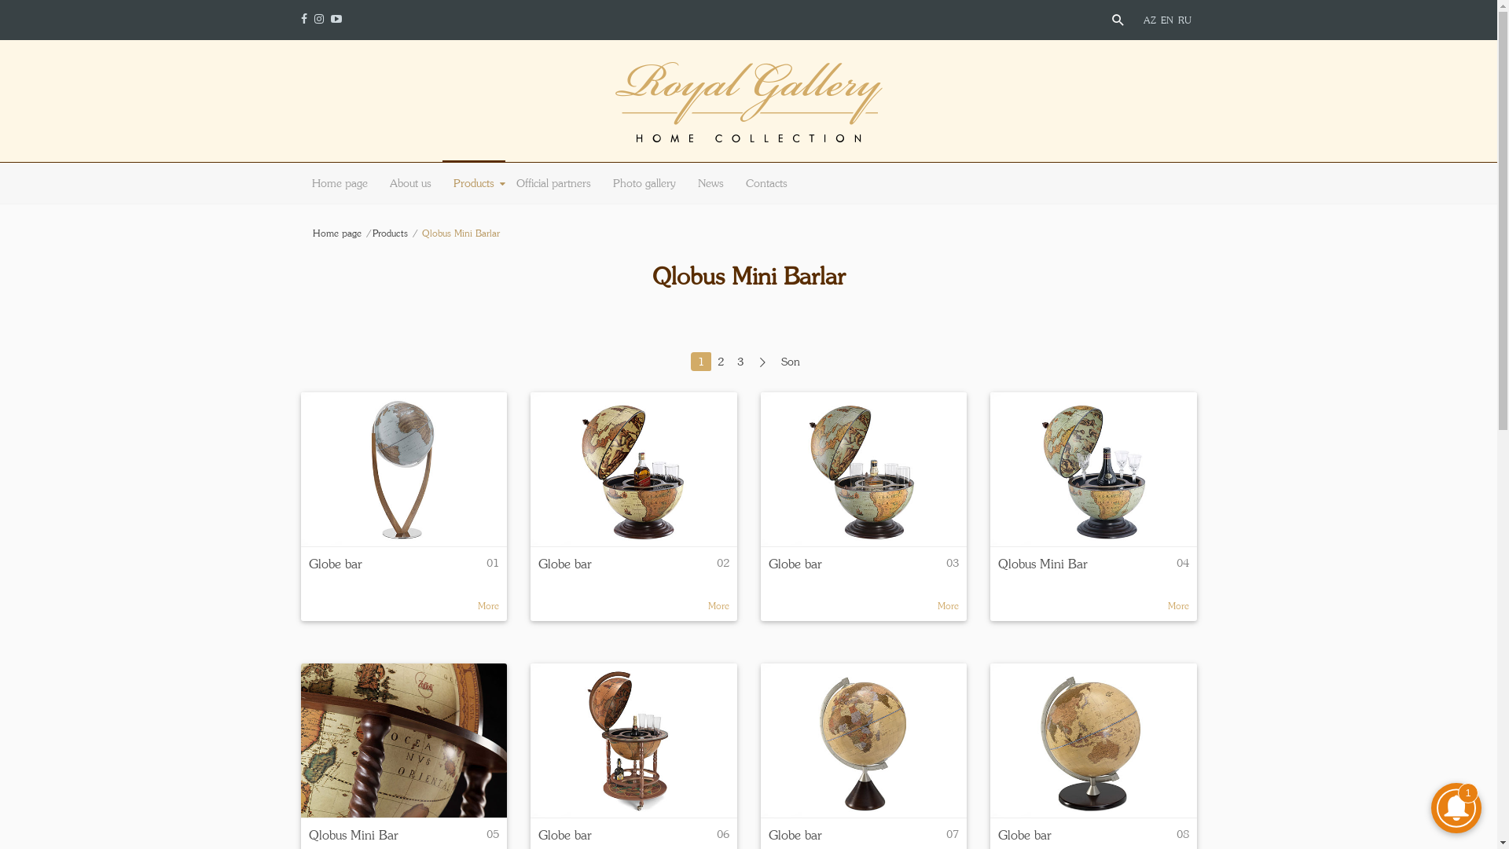  What do you see at coordinates (1184, 20) in the screenshot?
I see `'RU'` at bounding box center [1184, 20].